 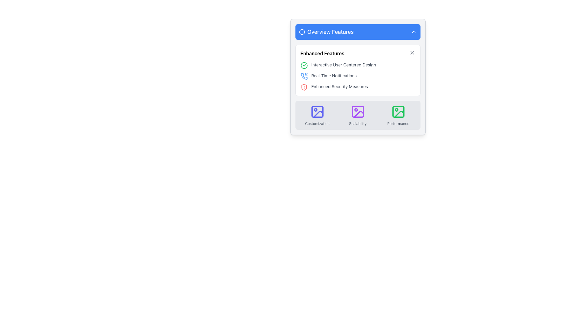 What do you see at coordinates (318, 114) in the screenshot?
I see `the diagonal line or curve within the light indigo square icon located at the bottom left section of the interface, adjacent to the 'Scalability' and 'Performance' icons` at bounding box center [318, 114].